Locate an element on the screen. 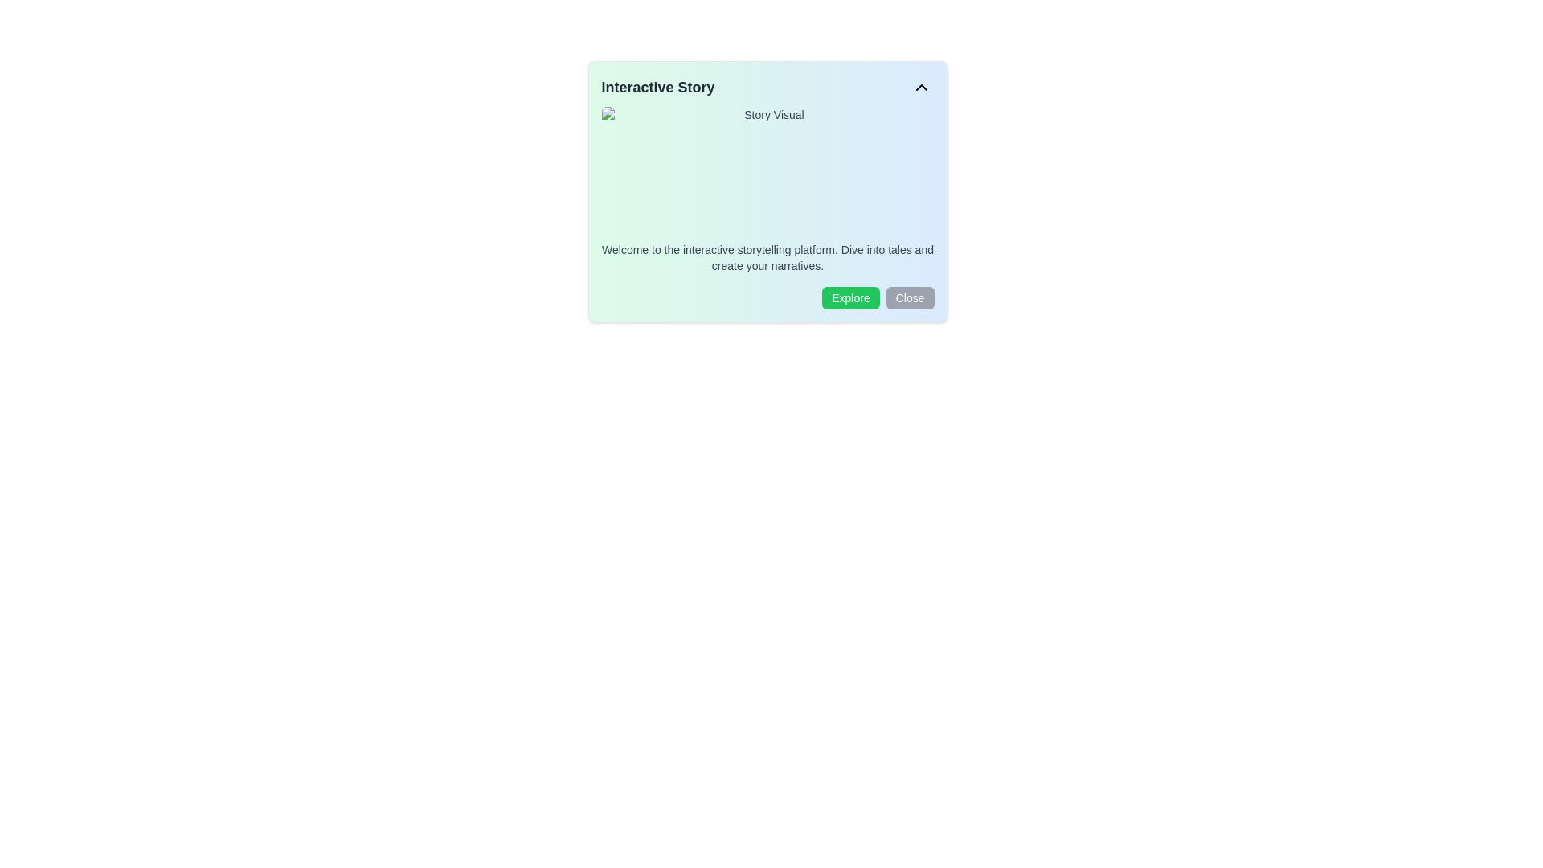  the chevron icon in the top-right corner of the 'Interactive Story' dialog box is located at coordinates (921, 87).